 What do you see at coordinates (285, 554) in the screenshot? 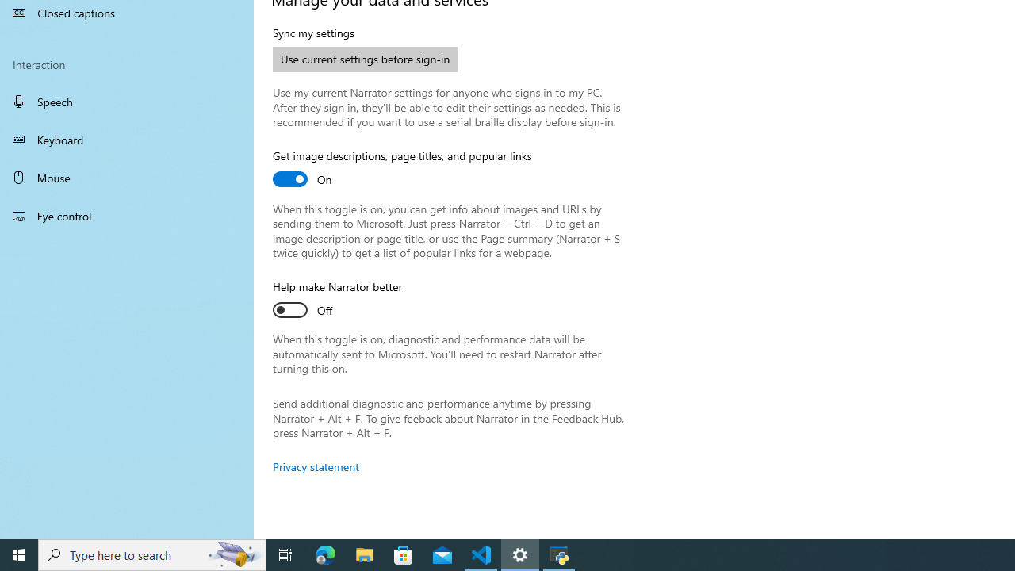
I see `'Task View'` at bounding box center [285, 554].